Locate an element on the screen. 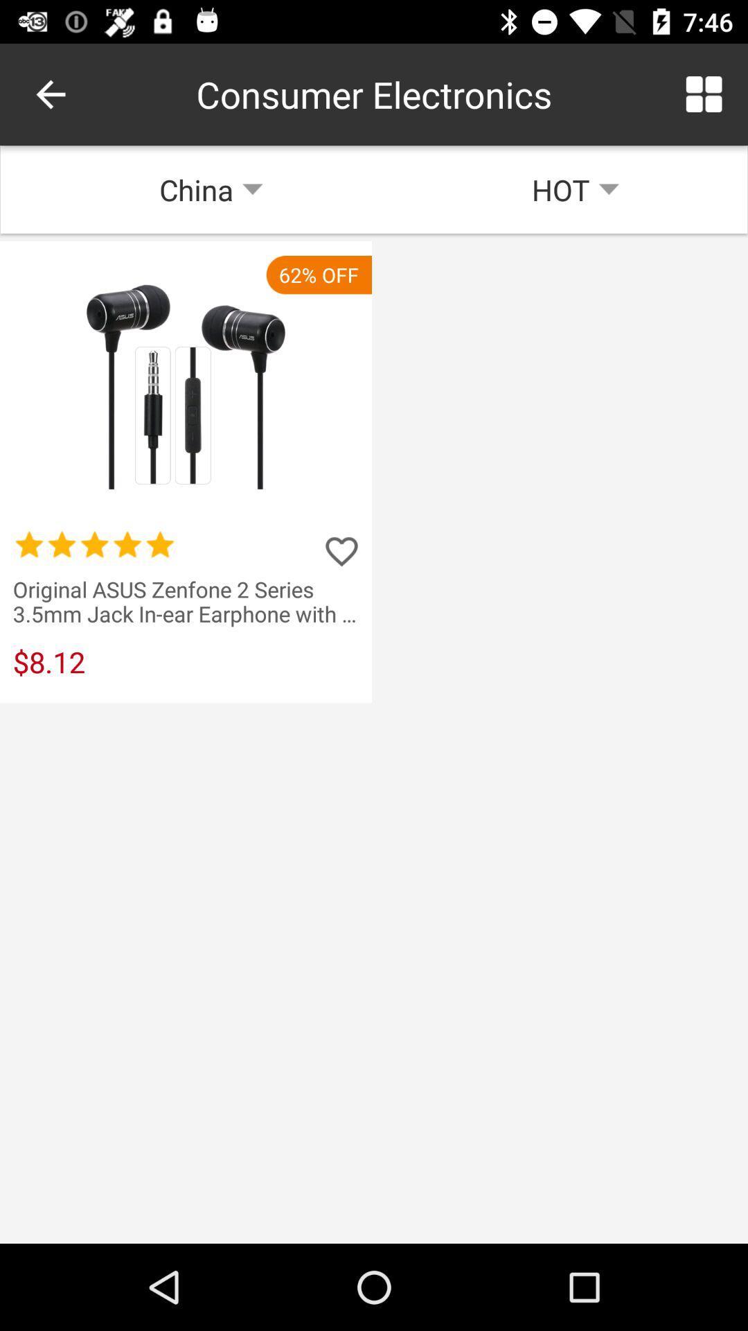 This screenshot has height=1331, width=748. rate the product is located at coordinates (341, 550).